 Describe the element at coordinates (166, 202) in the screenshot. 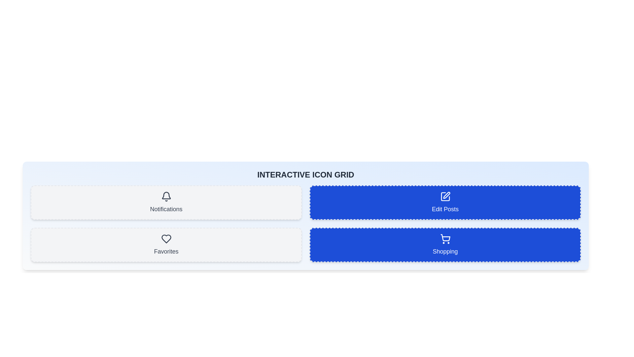

I see `the grid item identified by Notifications` at that location.